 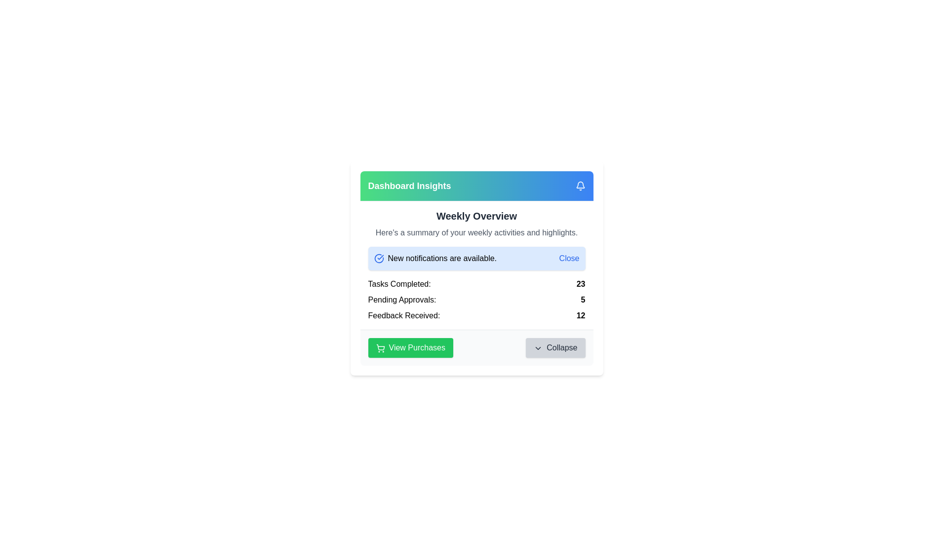 What do you see at coordinates (380, 347) in the screenshot?
I see `the SVG shopping cart icon located to the left of the 'View Purchases' button, which has a green background and white text` at bounding box center [380, 347].